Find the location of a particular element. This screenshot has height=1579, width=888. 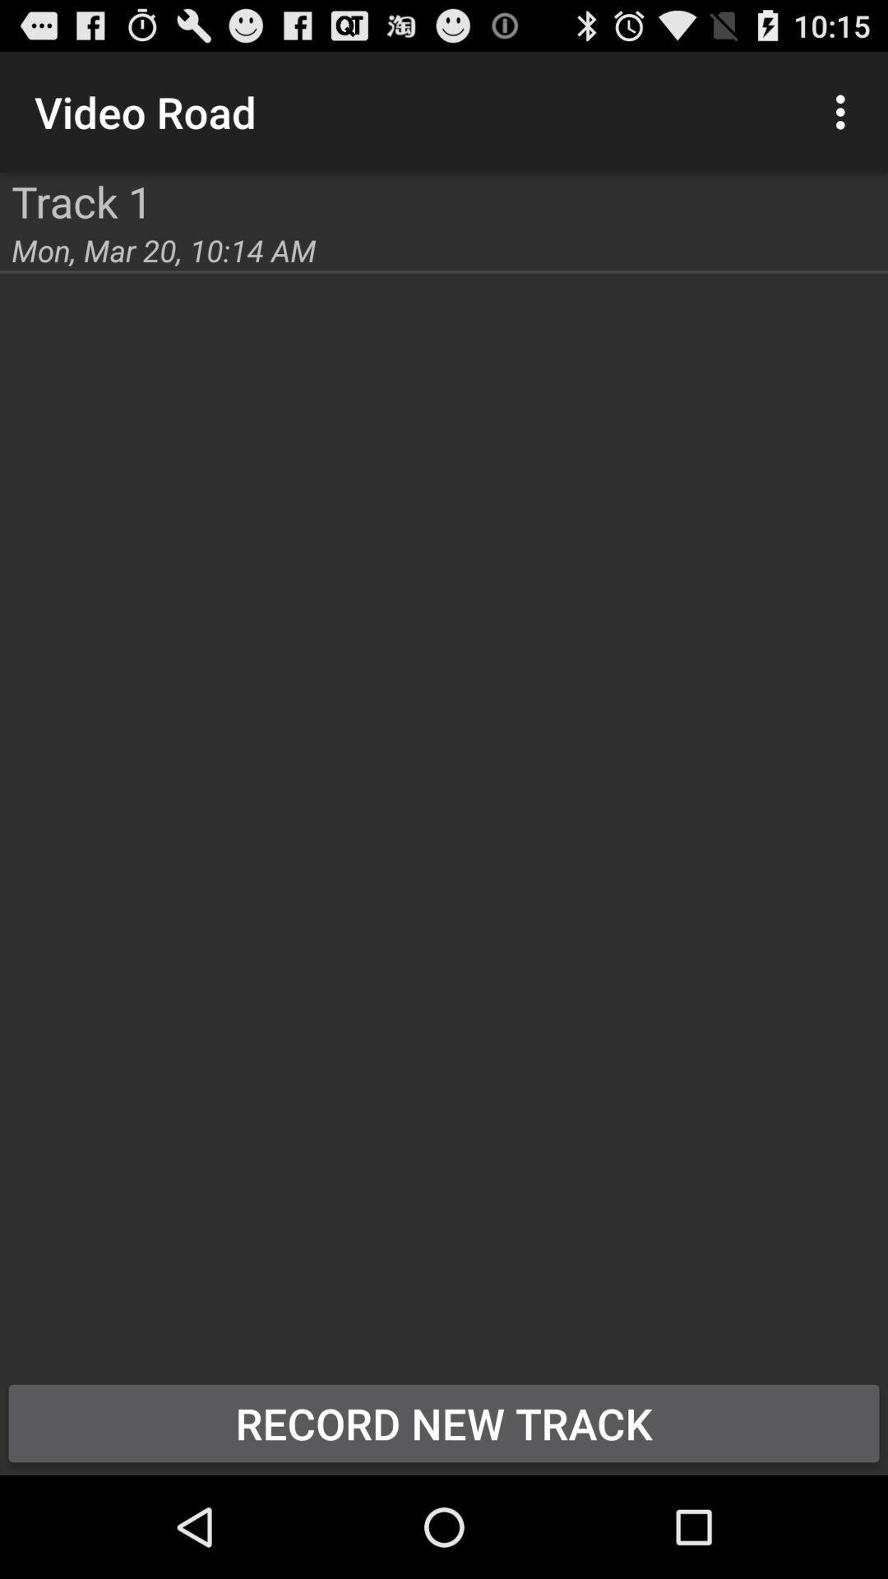

the record new track item is located at coordinates (444, 1423).